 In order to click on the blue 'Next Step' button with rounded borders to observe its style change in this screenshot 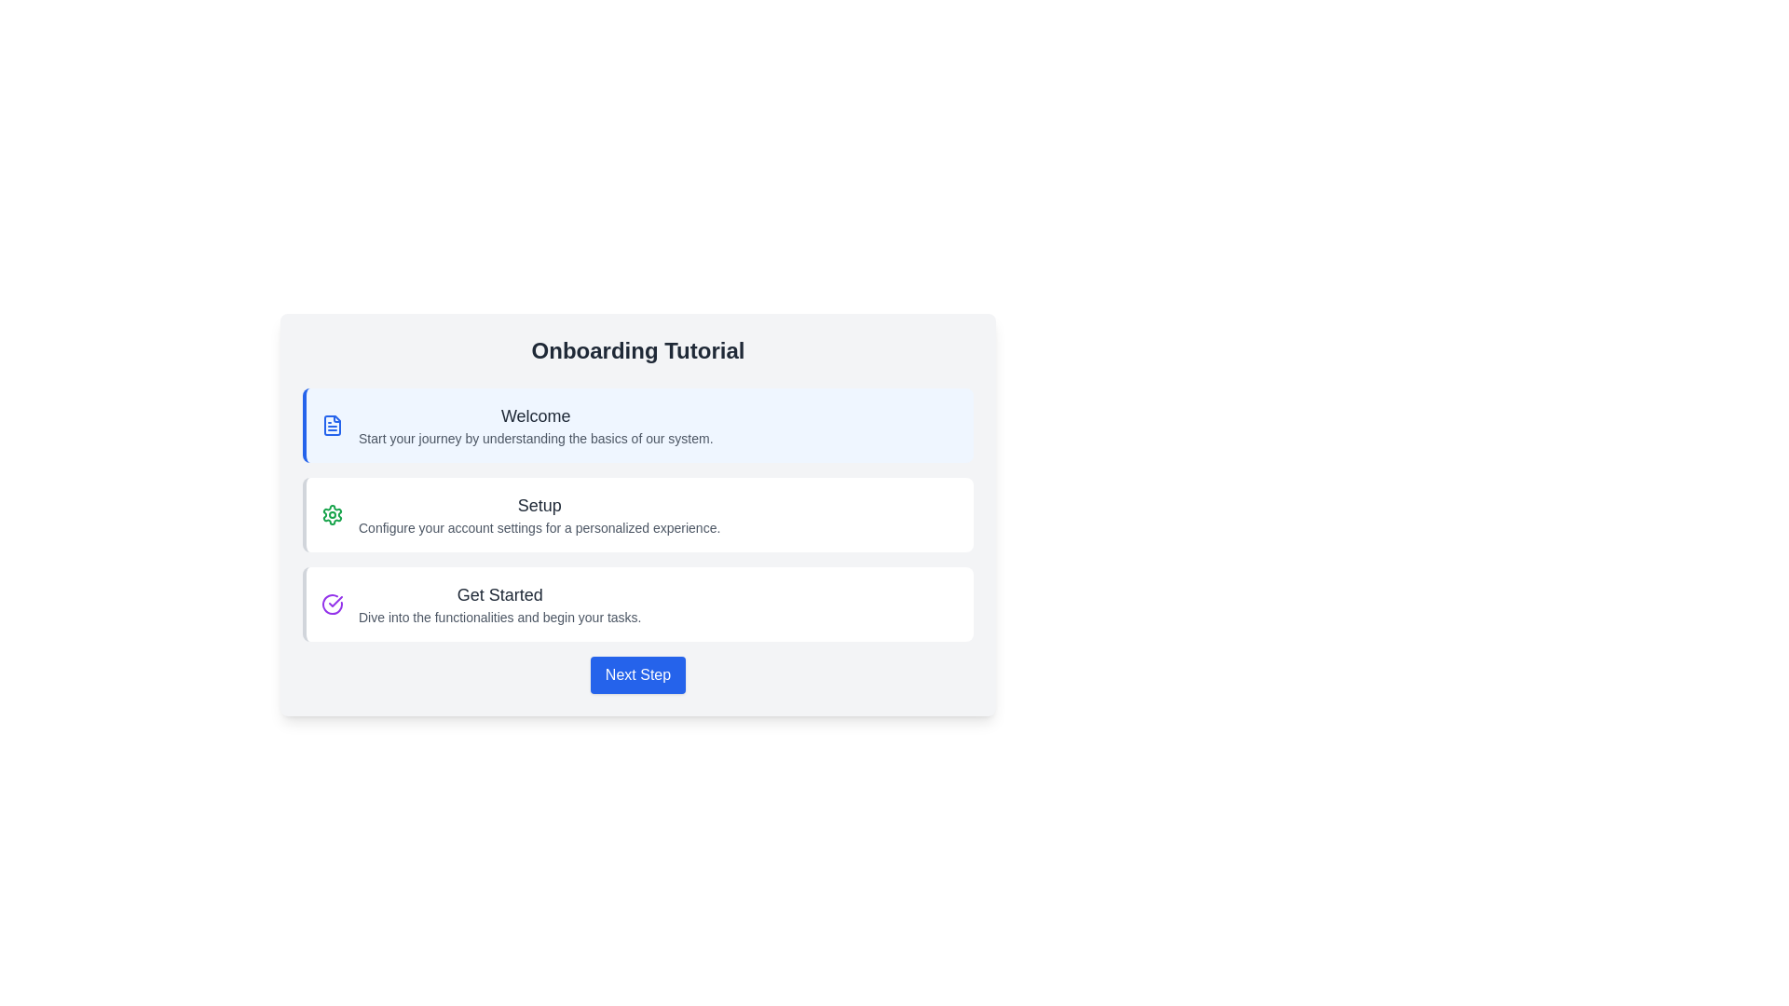, I will do `click(638, 675)`.